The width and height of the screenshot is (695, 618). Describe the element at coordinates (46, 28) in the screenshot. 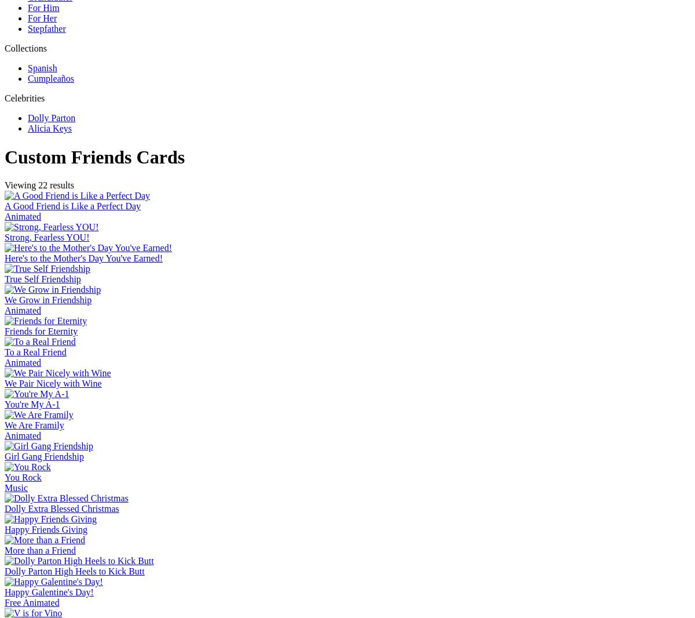

I see `'Stepfather'` at that location.